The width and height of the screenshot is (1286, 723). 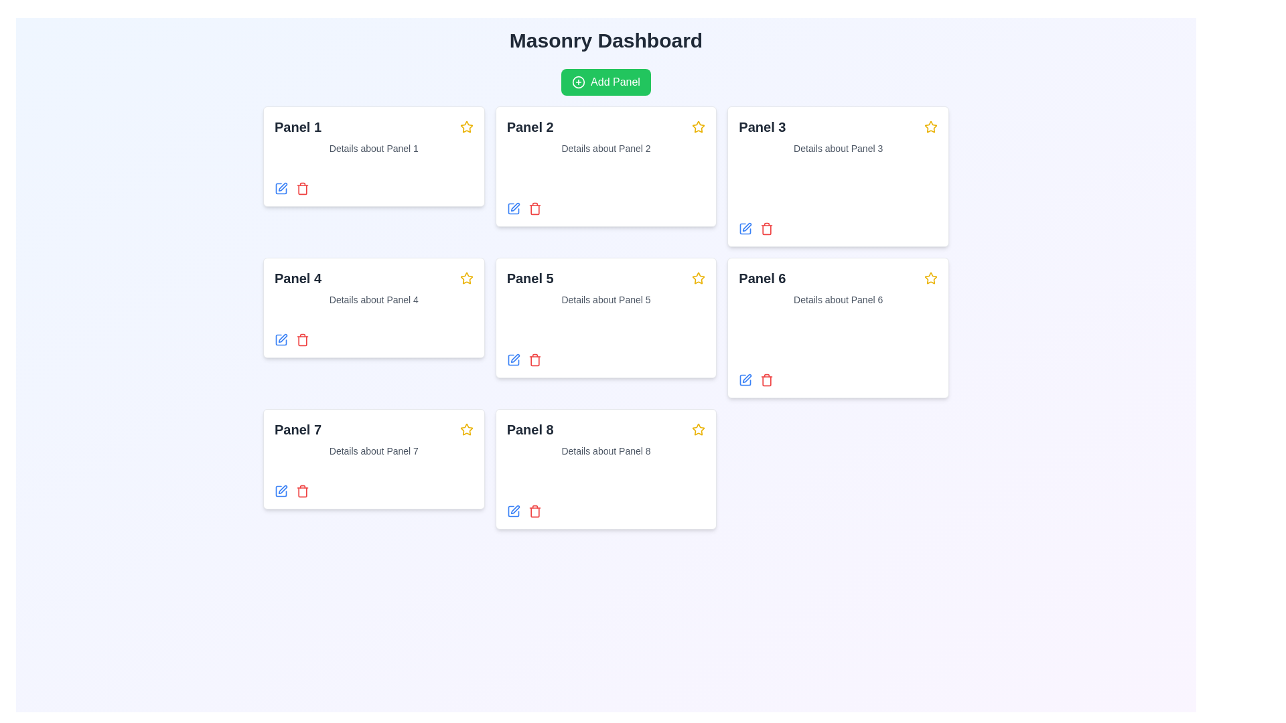 What do you see at coordinates (605, 451) in the screenshot?
I see `the Static Text that provides descriptive information about the card content in 'Panel 8', located below the header and above the action icons` at bounding box center [605, 451].